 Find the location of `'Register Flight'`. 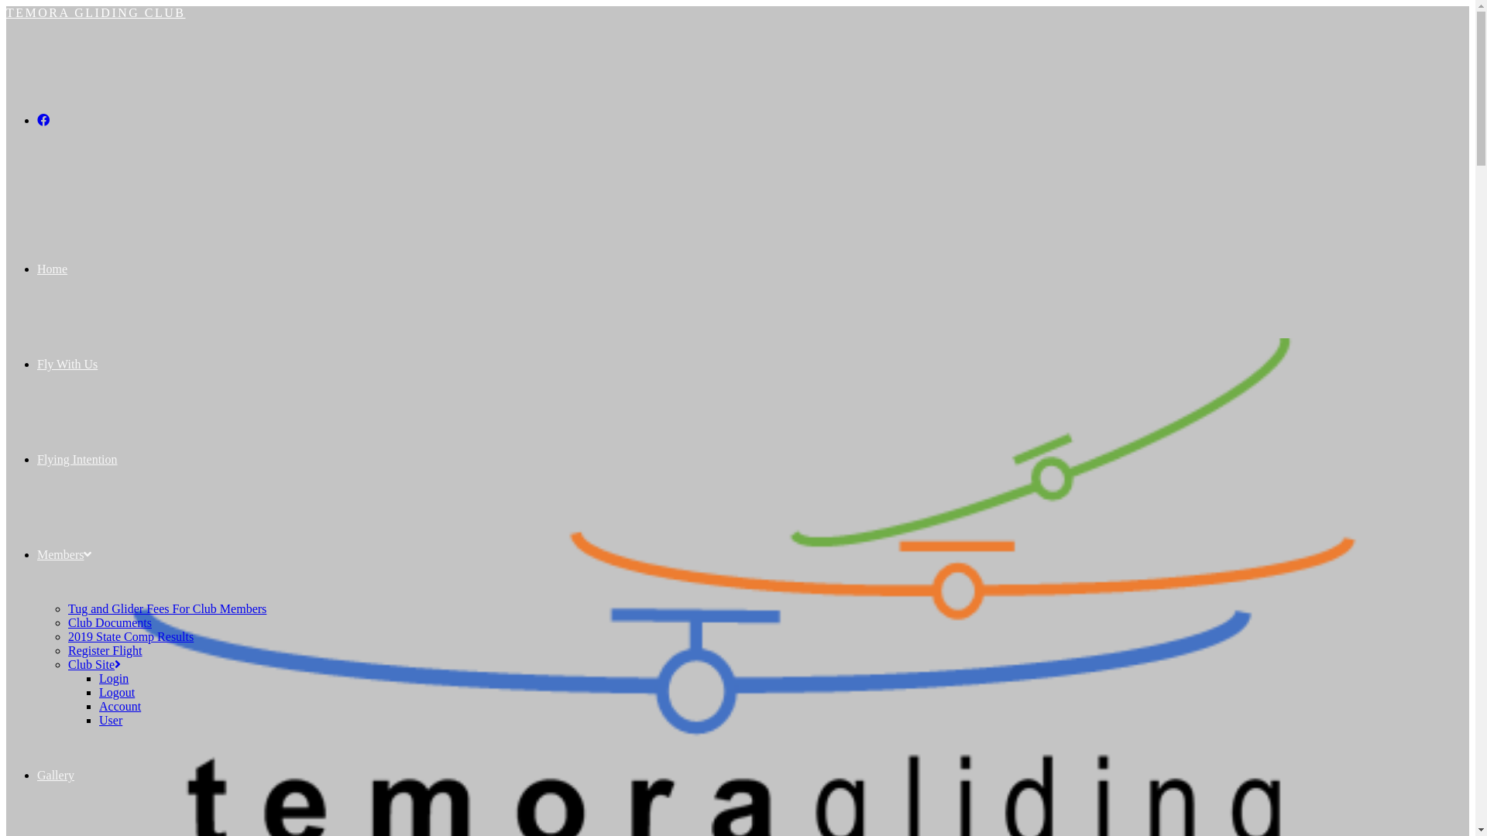

'Register Flight' is located at coordinates (104, 650).